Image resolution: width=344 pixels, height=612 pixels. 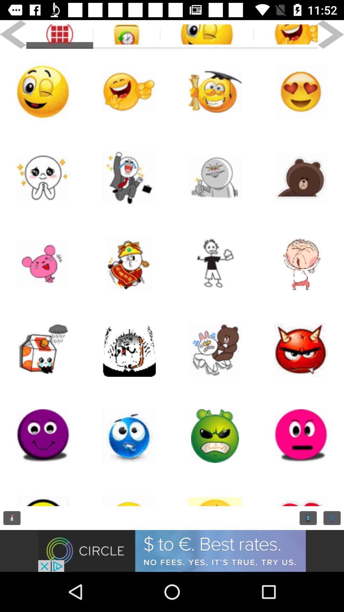 I want to click on doll page, so click(x=215, y=350).